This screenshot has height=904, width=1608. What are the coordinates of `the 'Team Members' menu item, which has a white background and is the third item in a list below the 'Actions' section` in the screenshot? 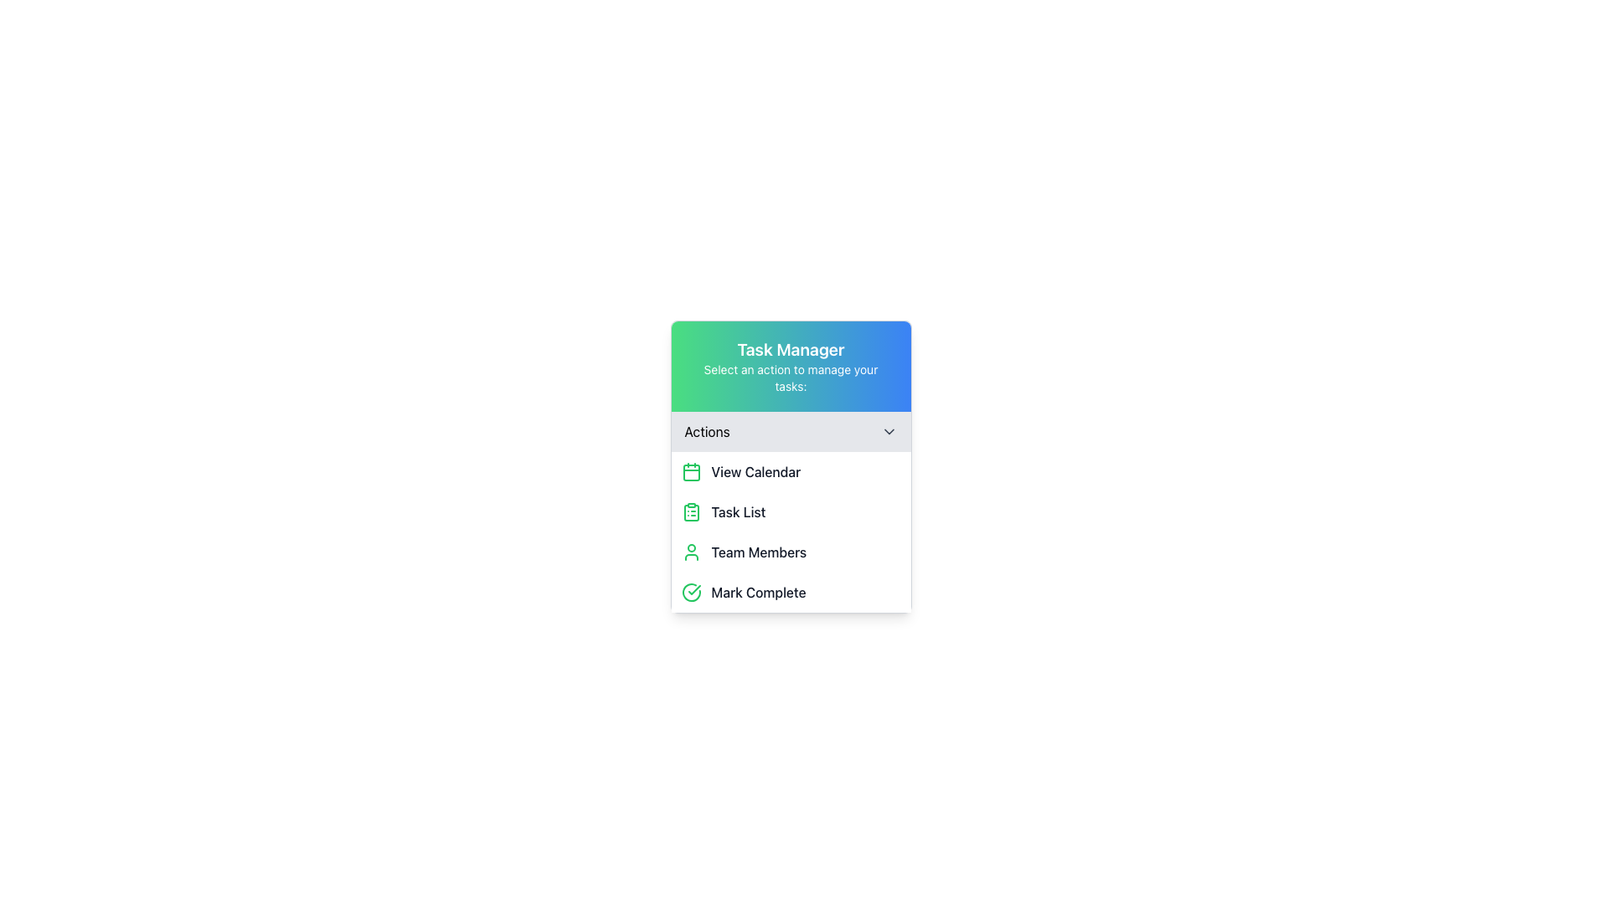 It's located at (790, 532).